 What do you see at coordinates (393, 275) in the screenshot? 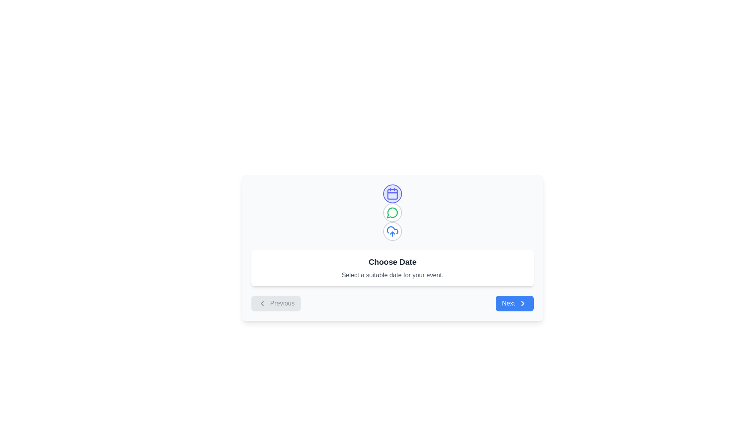
I see `the static text label that contains the text 'Select a suitable date for your event.' located below the 'Choose Date' heading in the white rectangular card` at bounding box center [393, 275].